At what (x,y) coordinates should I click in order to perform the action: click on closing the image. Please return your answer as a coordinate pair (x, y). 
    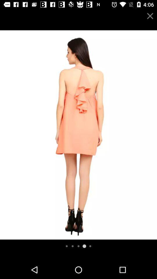
    Looking at the image, I should click on (150, 16).